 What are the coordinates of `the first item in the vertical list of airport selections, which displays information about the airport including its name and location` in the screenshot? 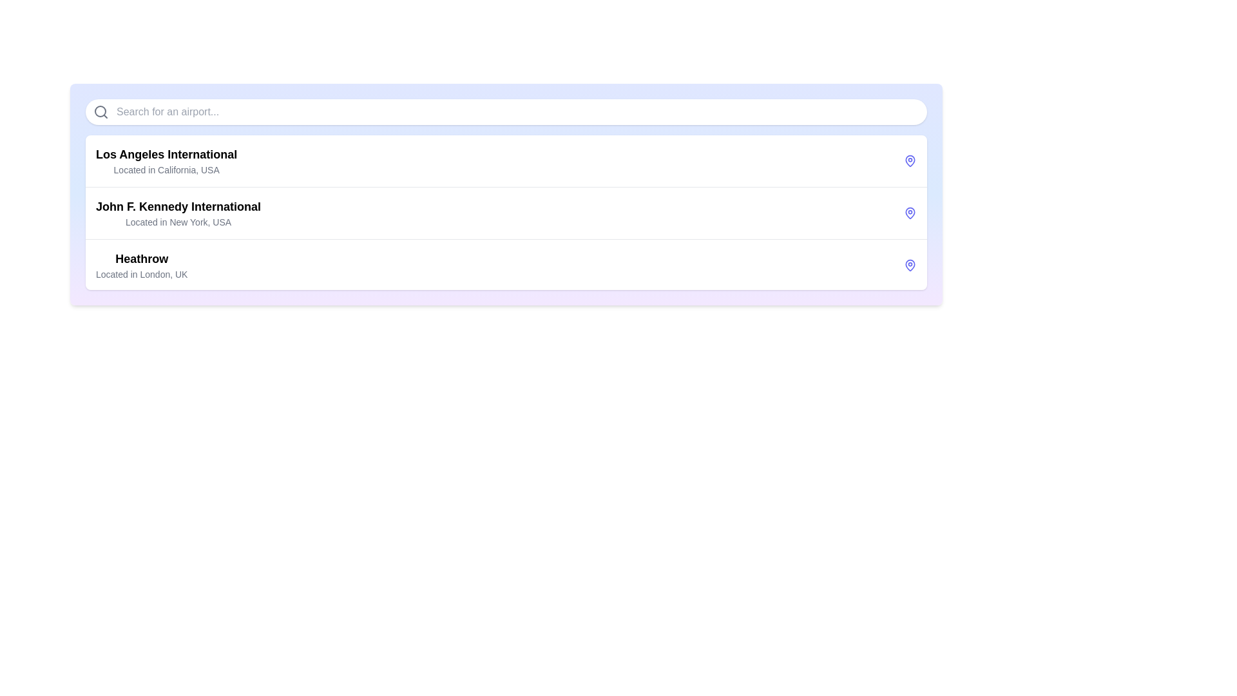 It's located at (166, 160).